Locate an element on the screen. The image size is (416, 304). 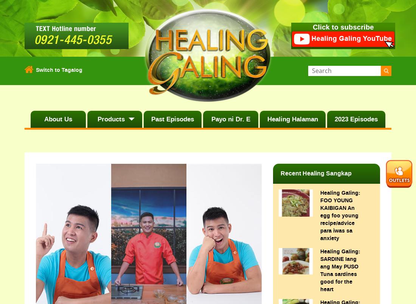
'Healing Halaman' is located at coordinates (292, 119).